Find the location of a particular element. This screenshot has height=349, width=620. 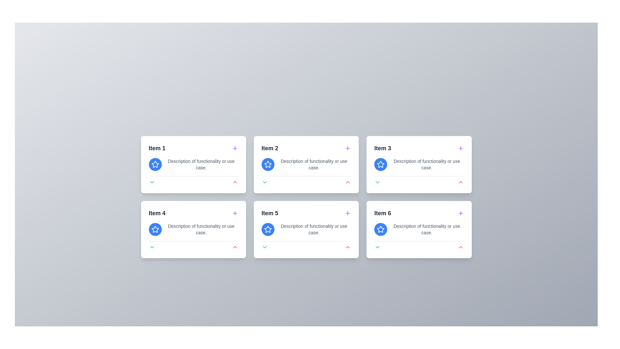

the expand icon located at the leftmost position under the 'Item 2' card is located at coordinates (264, 182).